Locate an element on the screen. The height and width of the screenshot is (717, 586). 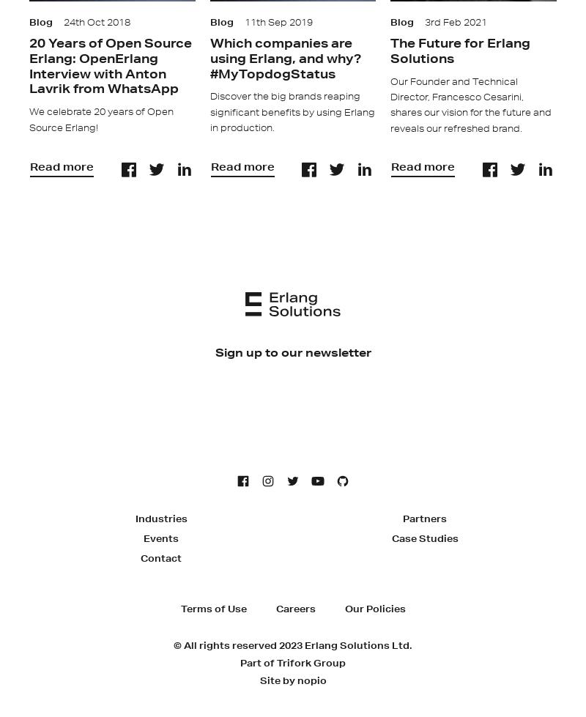
'© All rights reserved 2023 Erlang Solutions Ltd.' is located at coordinates (173, 644).